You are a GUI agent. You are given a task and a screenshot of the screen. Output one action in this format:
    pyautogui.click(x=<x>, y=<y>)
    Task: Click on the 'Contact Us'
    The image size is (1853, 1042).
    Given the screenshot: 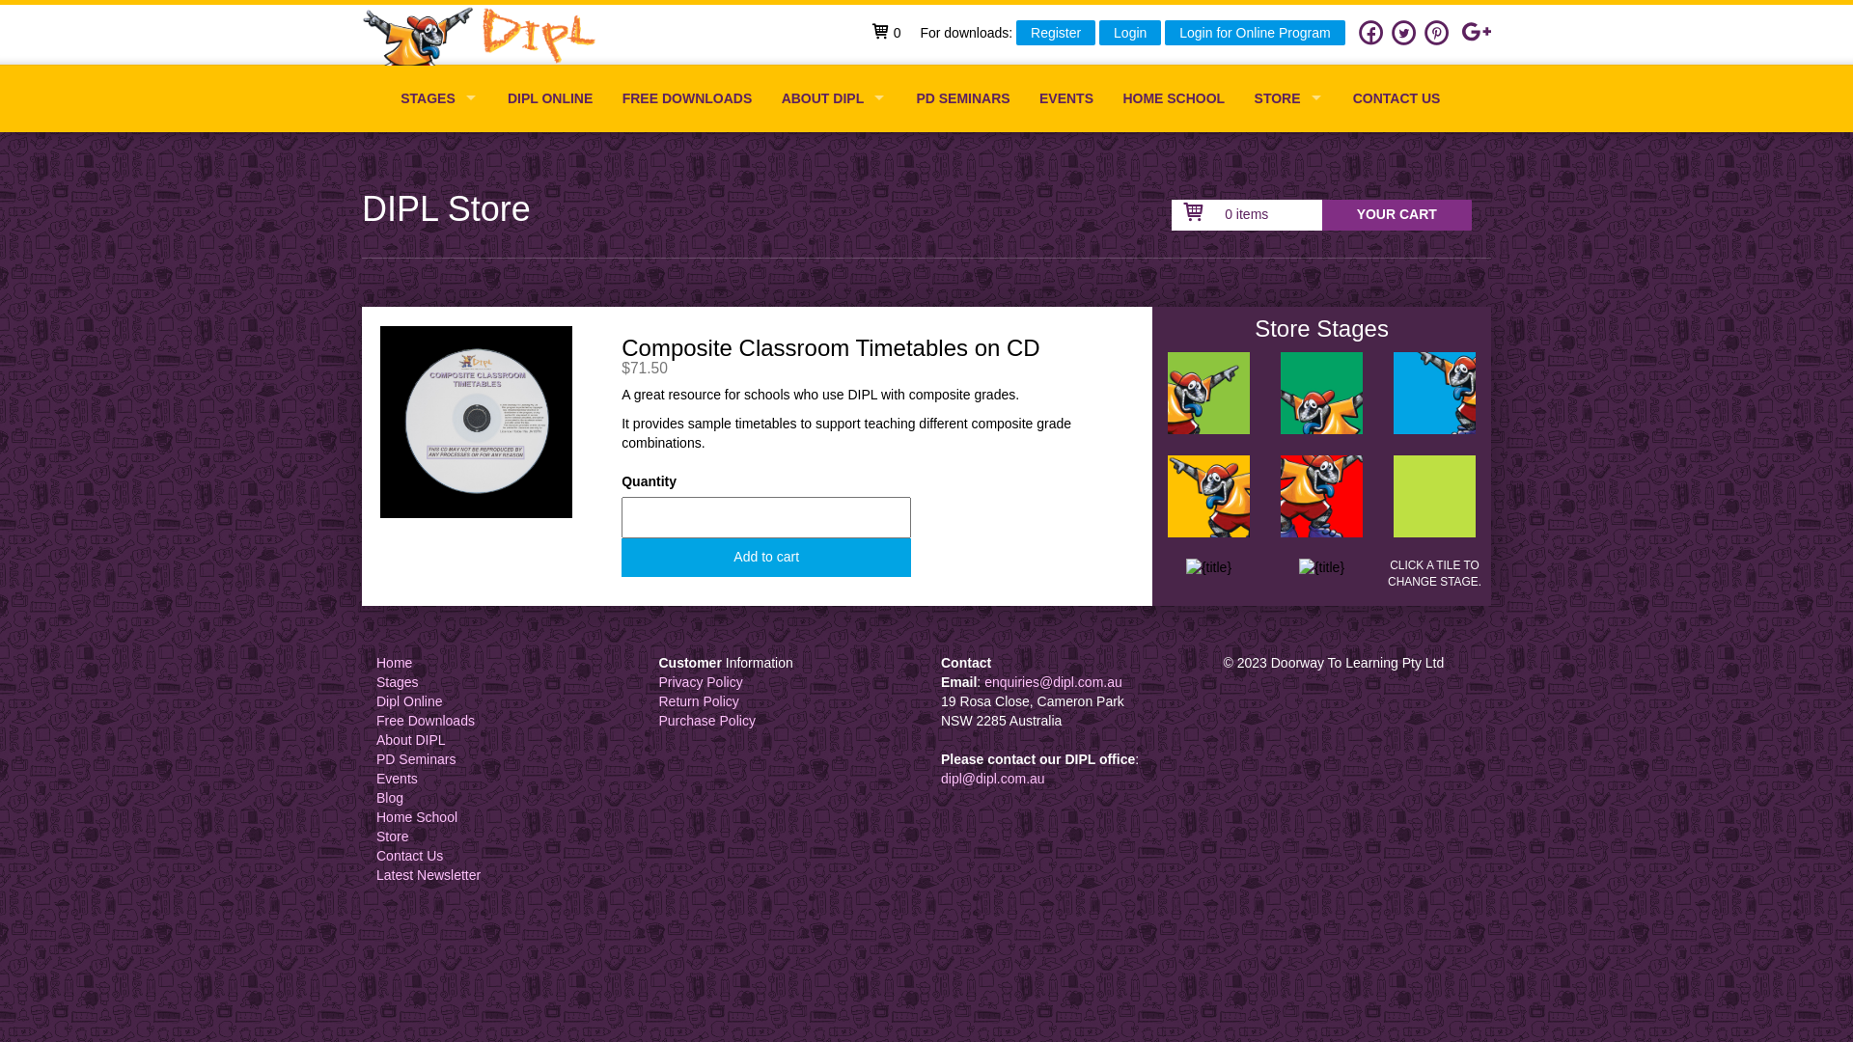 What is the action you would take?
    pyautogui.click(x=408, y=855)
    